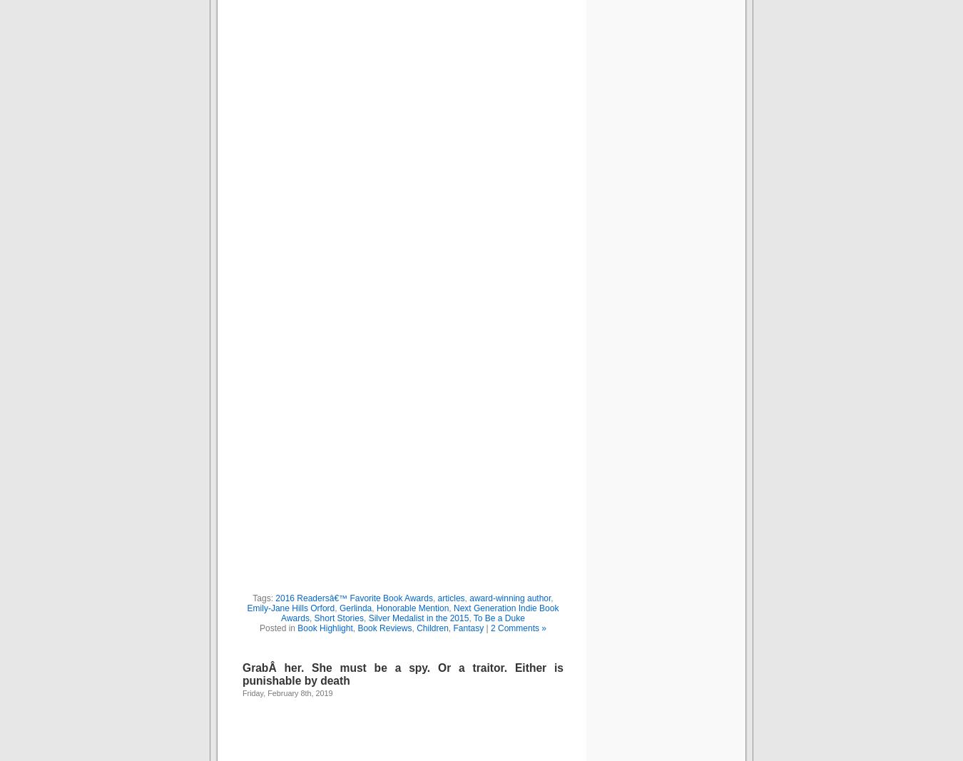 The image size is (963, 761). Describe the element at coordinates (264, 597) in the screenshot. I see `'Tags:'` at that location.